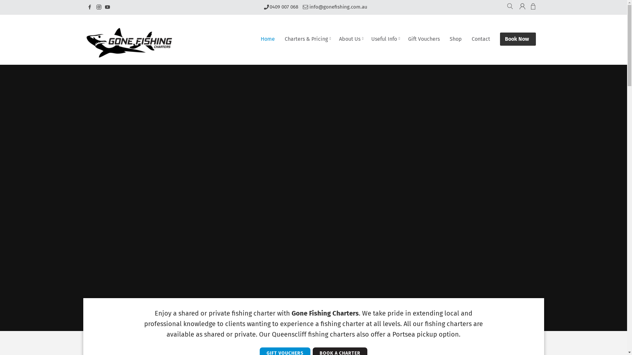 The height and width of the screenshot is (355, 632). Describe the element at coordinates (385, 39) in the screenshot. I see `'Useful Info'` at that location.